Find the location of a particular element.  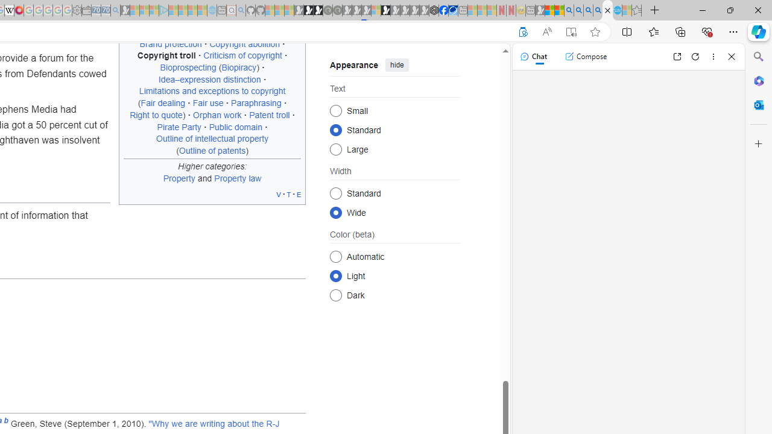

'MediaWiki' is located at coordinates (19, 10).